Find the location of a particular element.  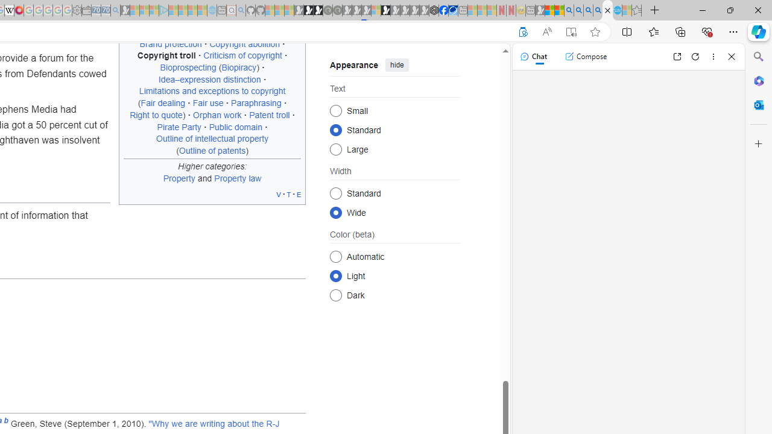

'MediaWiki' is located at coordinates (19, 10).